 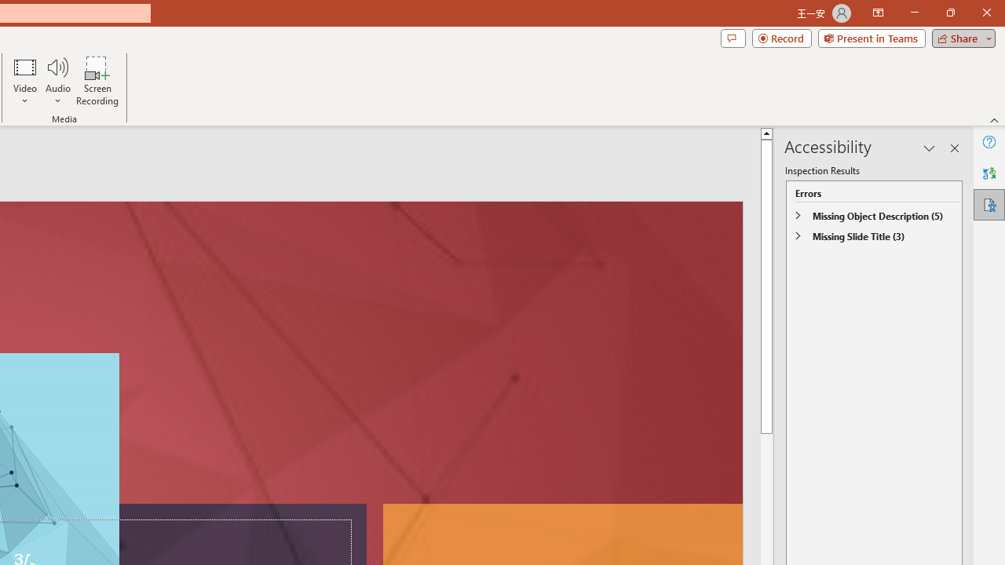 I want to click on 'Minimize', so click(x=914, y=13).